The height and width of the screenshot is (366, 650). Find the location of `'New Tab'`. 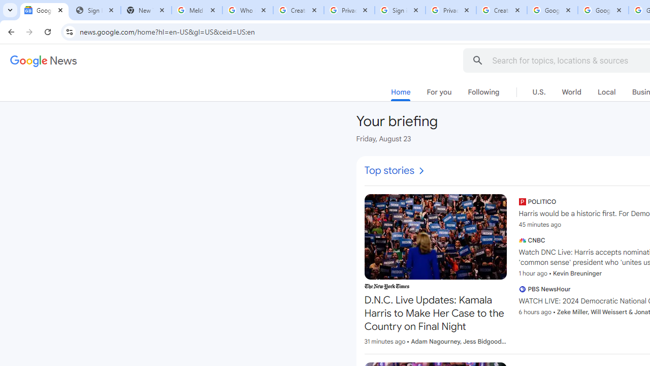

'New Tab' is located at coordinates (146, 10).